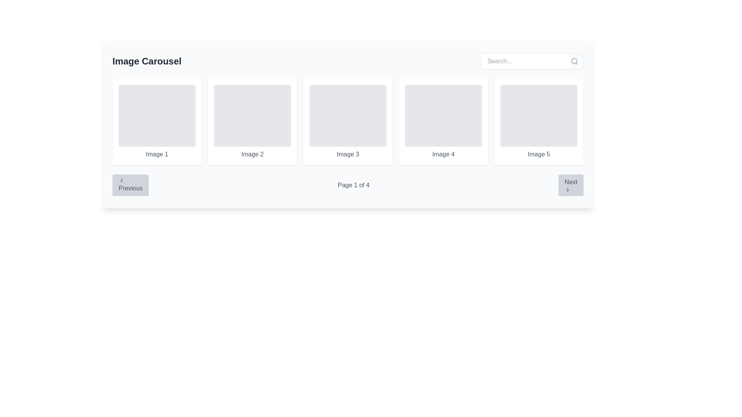  Describe the element at coordinates (121, 180) in the screenshot. I see `keyboard navigation` at that location.